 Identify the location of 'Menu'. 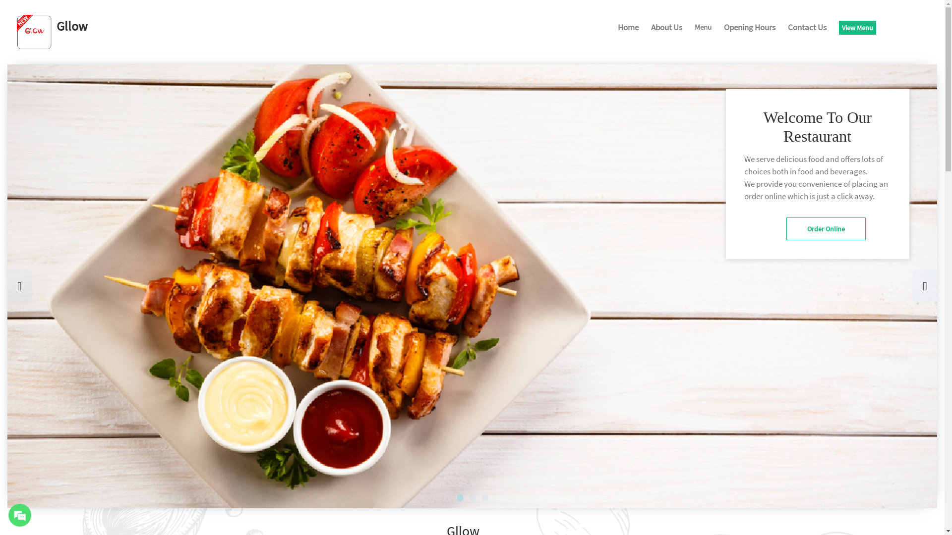
(702, 28).